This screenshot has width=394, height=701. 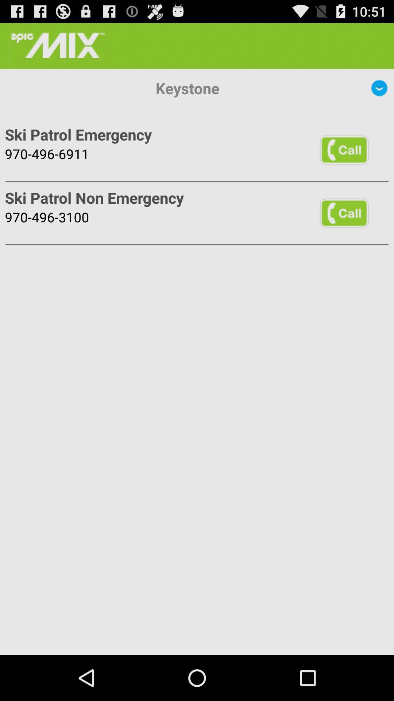 What do you see at coordinates (344, 212) in the screenshot?
I see `item next to ski patrol non` at bounding box center [344, 212].